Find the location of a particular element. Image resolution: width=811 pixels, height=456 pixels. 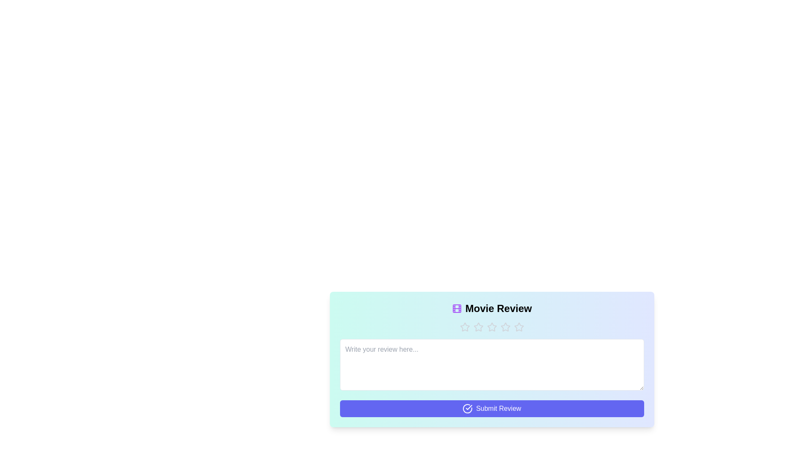

the button with text 'Star 5' to observe its hover effect is located at coordinates (518, 327).